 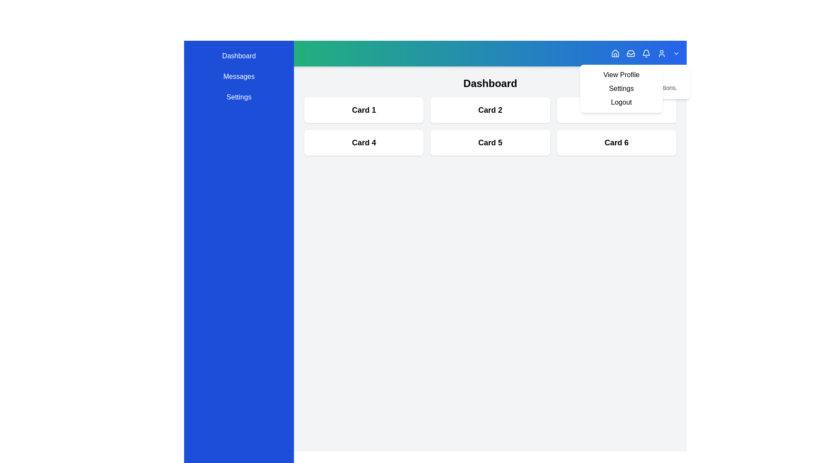 What do you see at coordinates (240, 53) in the screenshot?
I see `the text label displaying 'Interactive System', which is prominently positioned in the header area and styled with a bold font` at bounding box center [240, 53].